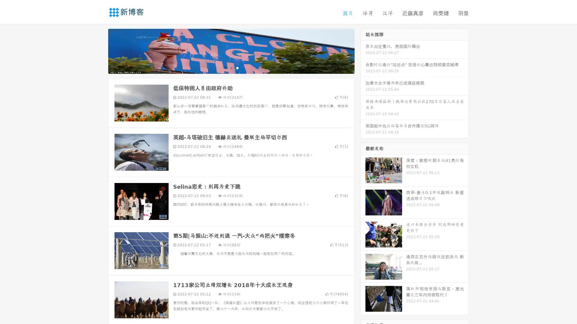 The image size is (577, 324). What do you see at coordinates (225, 67) in the screenshot?
I see `Go to slide 1` at bounding box center [225, 67].